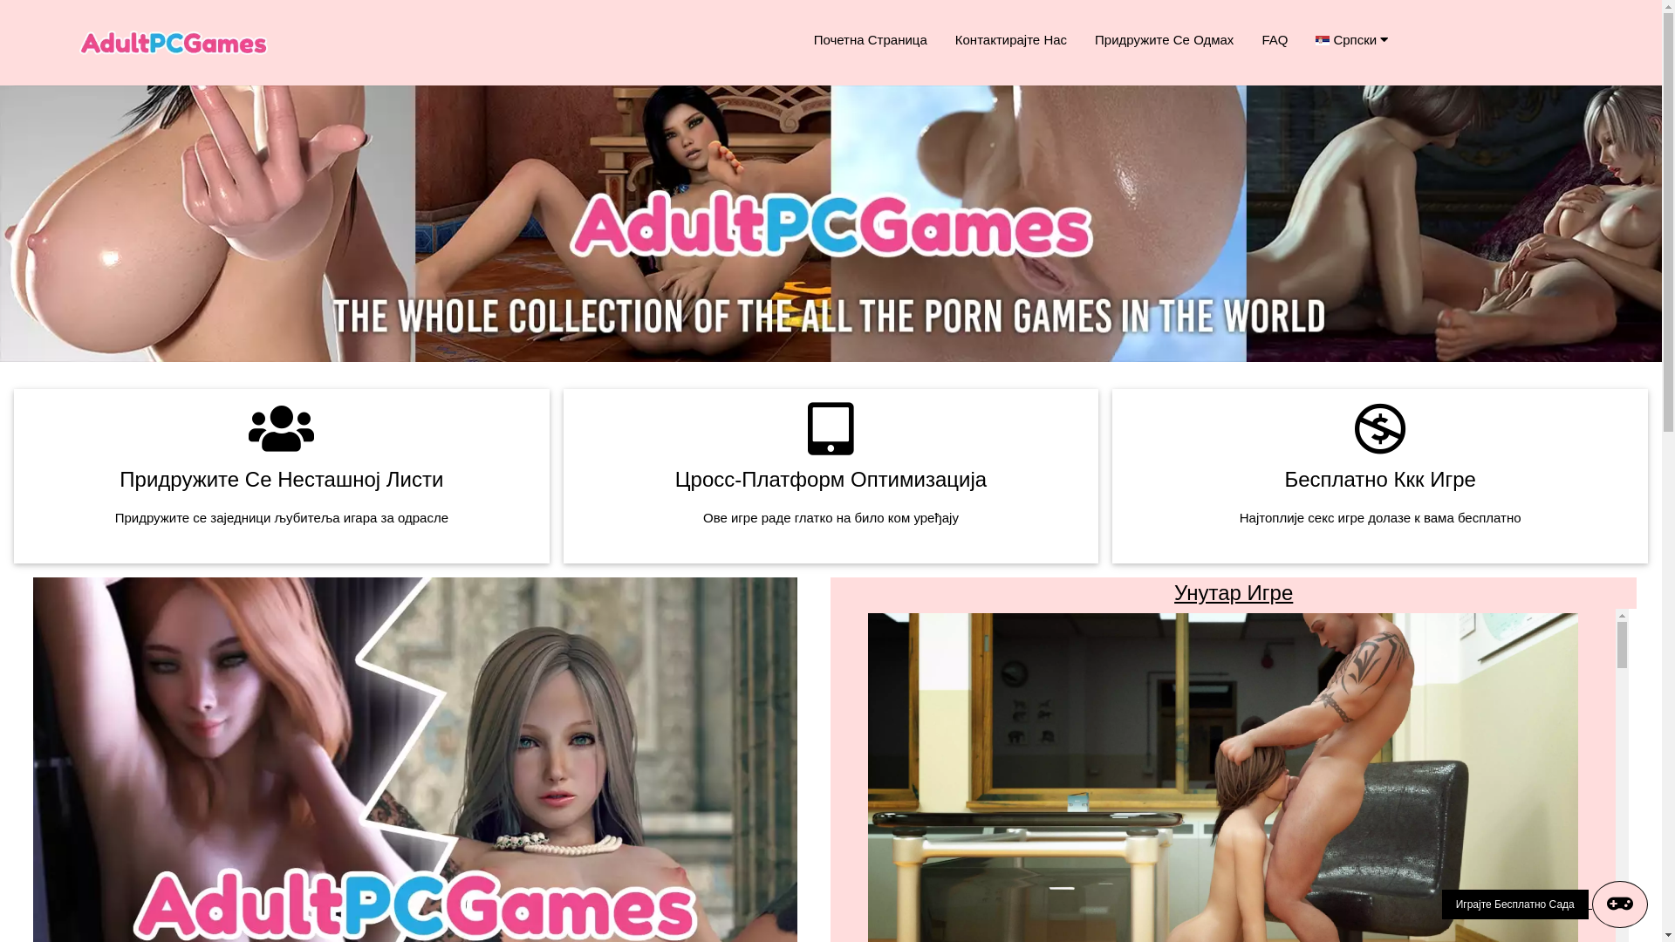 Image resolution: width=1675 pixels, height=942 pixels. I want to click on 'FAQ', so click(1247, 39).